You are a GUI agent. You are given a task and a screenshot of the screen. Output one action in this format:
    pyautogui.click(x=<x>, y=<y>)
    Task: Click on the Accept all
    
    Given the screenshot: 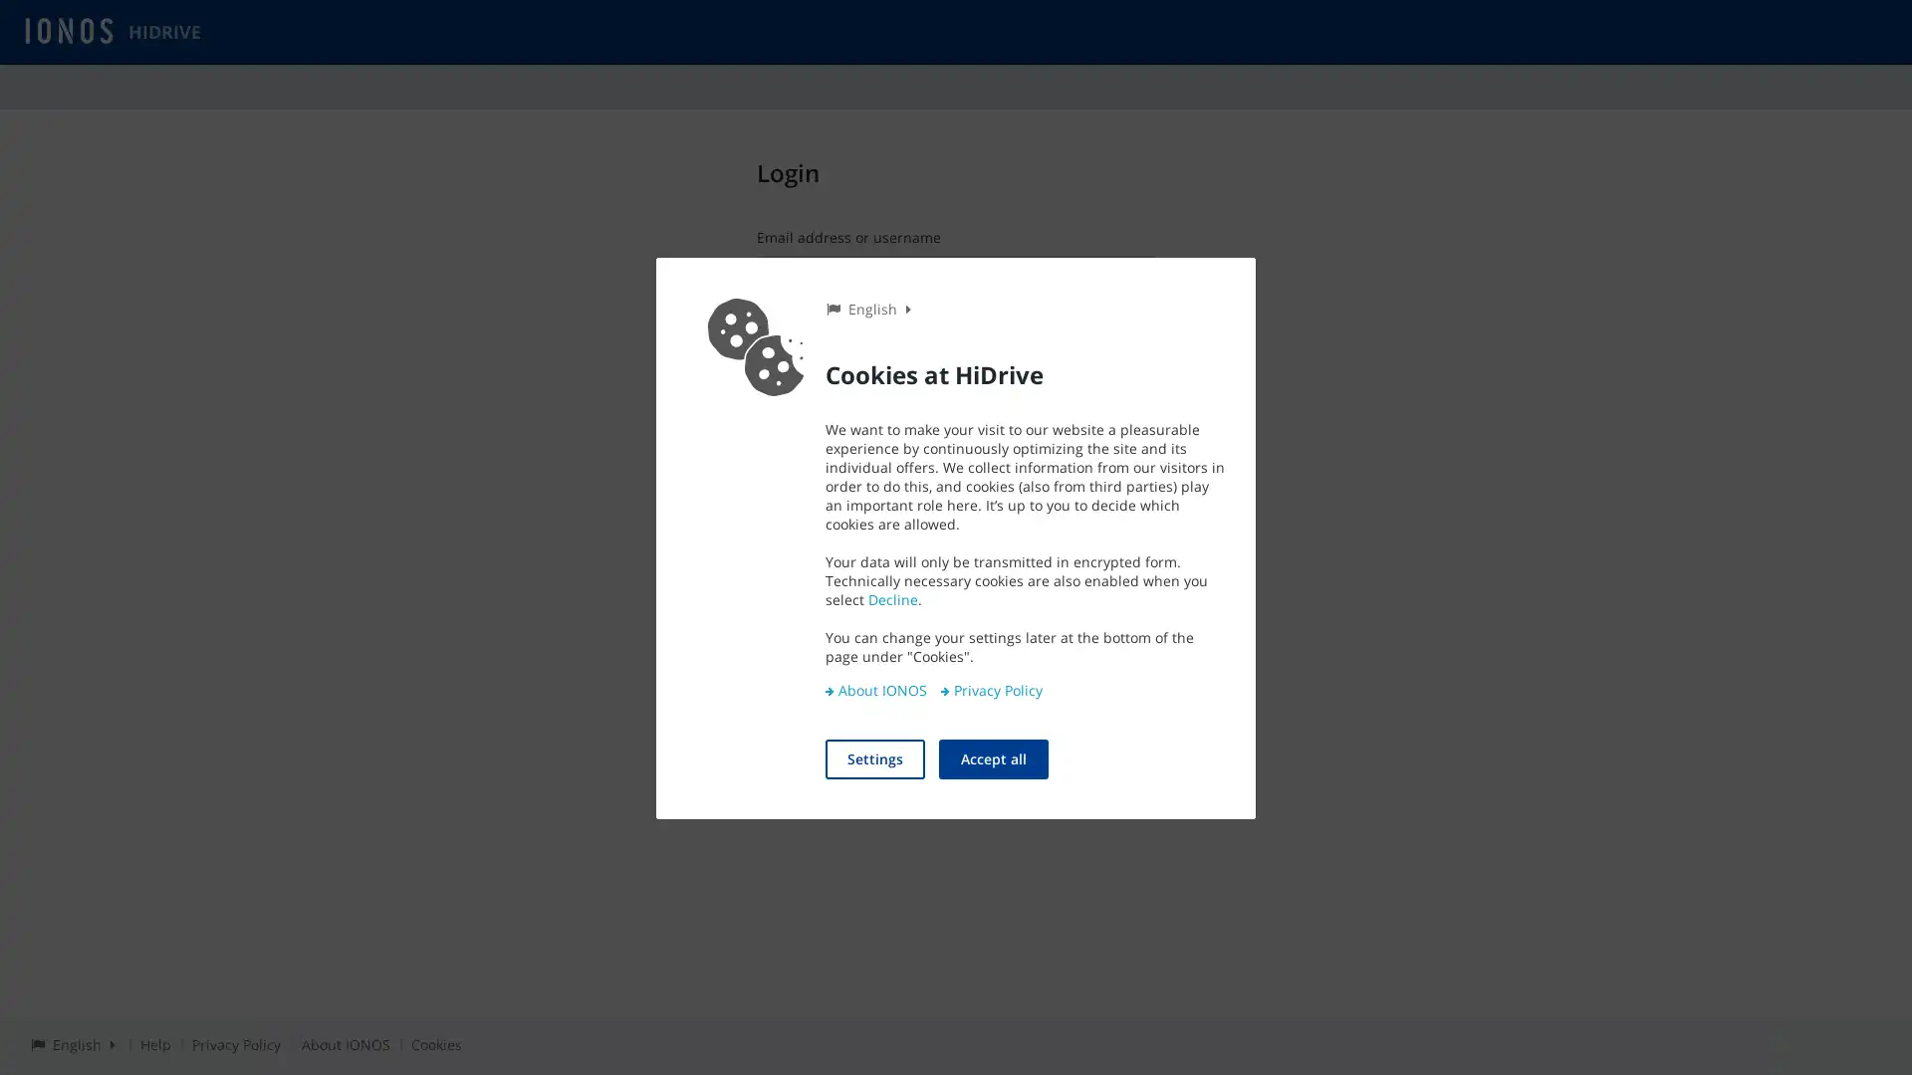 What is the action you would take?
    pyautogui.click(x=994, y=759)
    